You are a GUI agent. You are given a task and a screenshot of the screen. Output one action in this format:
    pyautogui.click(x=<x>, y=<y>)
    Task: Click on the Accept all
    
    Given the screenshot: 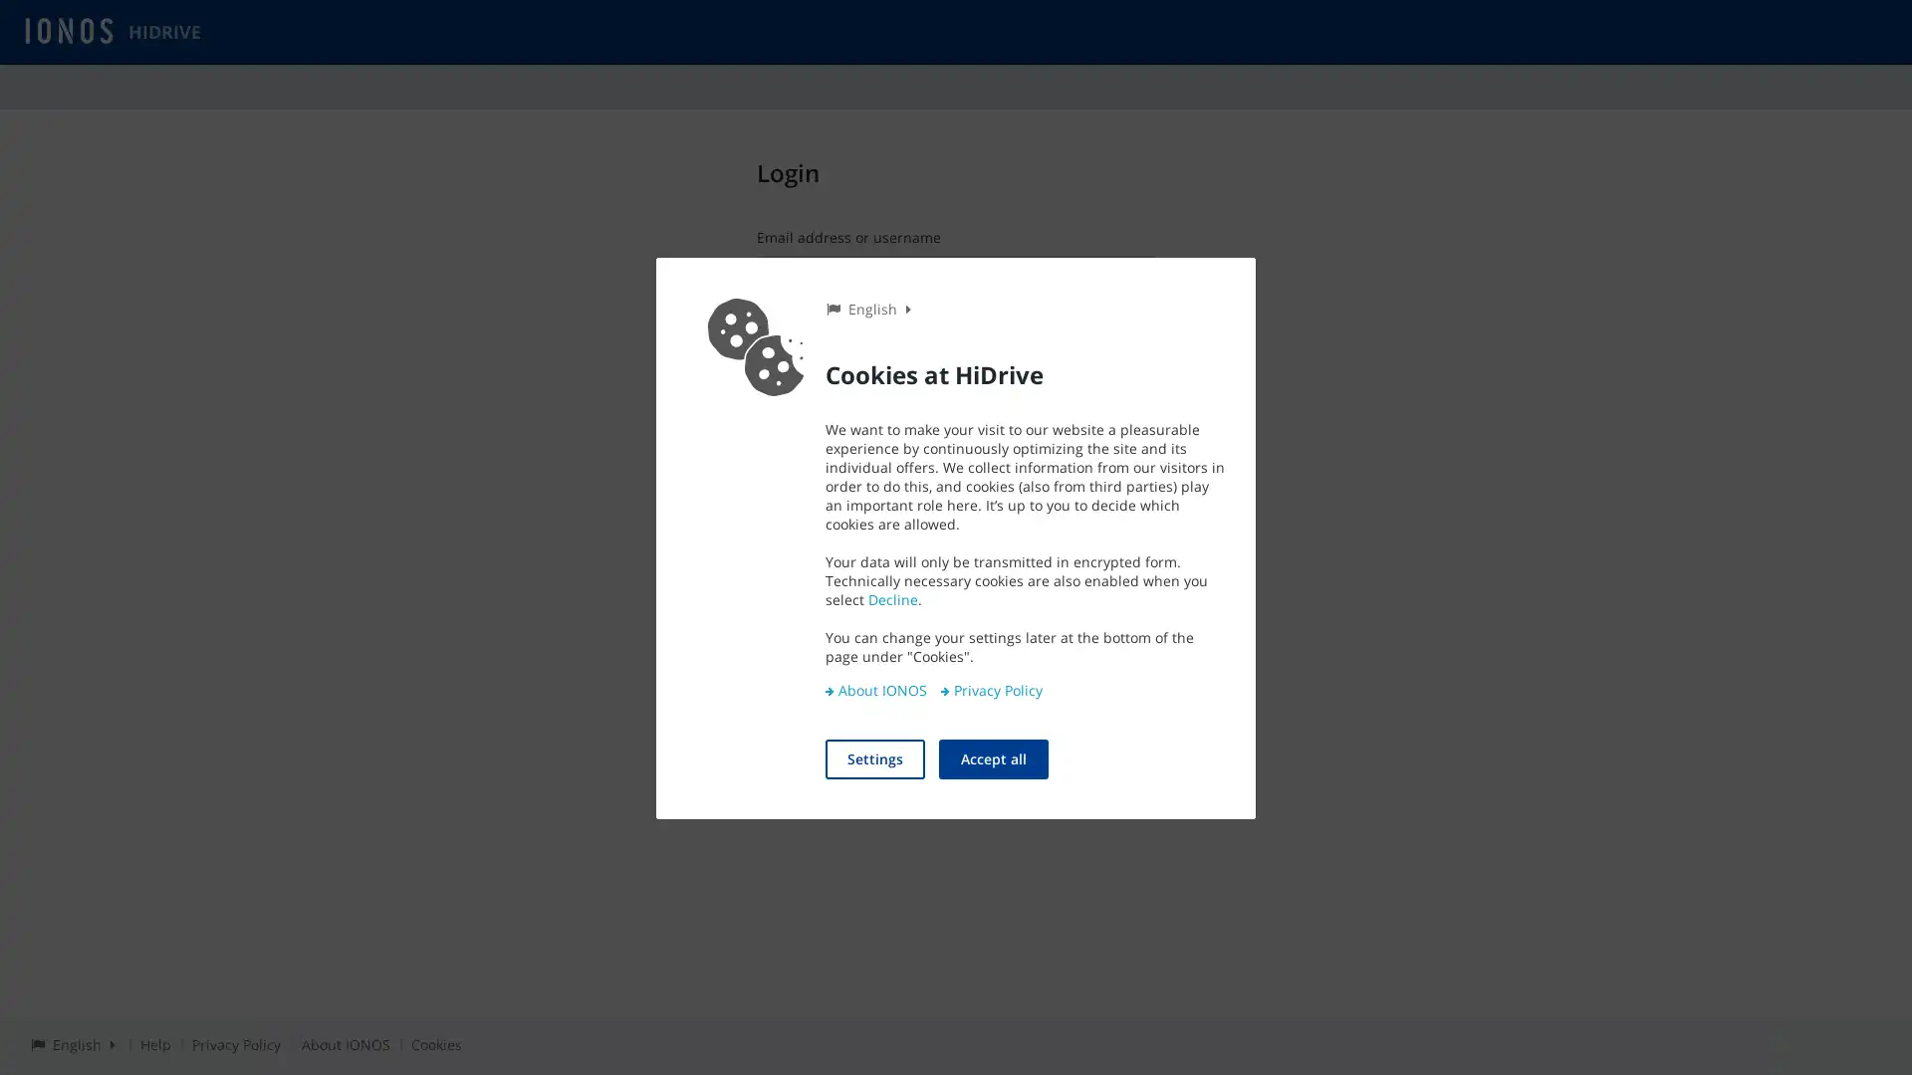 What is the action you would take?
    pyautogui.click(x=994, y=759)
    